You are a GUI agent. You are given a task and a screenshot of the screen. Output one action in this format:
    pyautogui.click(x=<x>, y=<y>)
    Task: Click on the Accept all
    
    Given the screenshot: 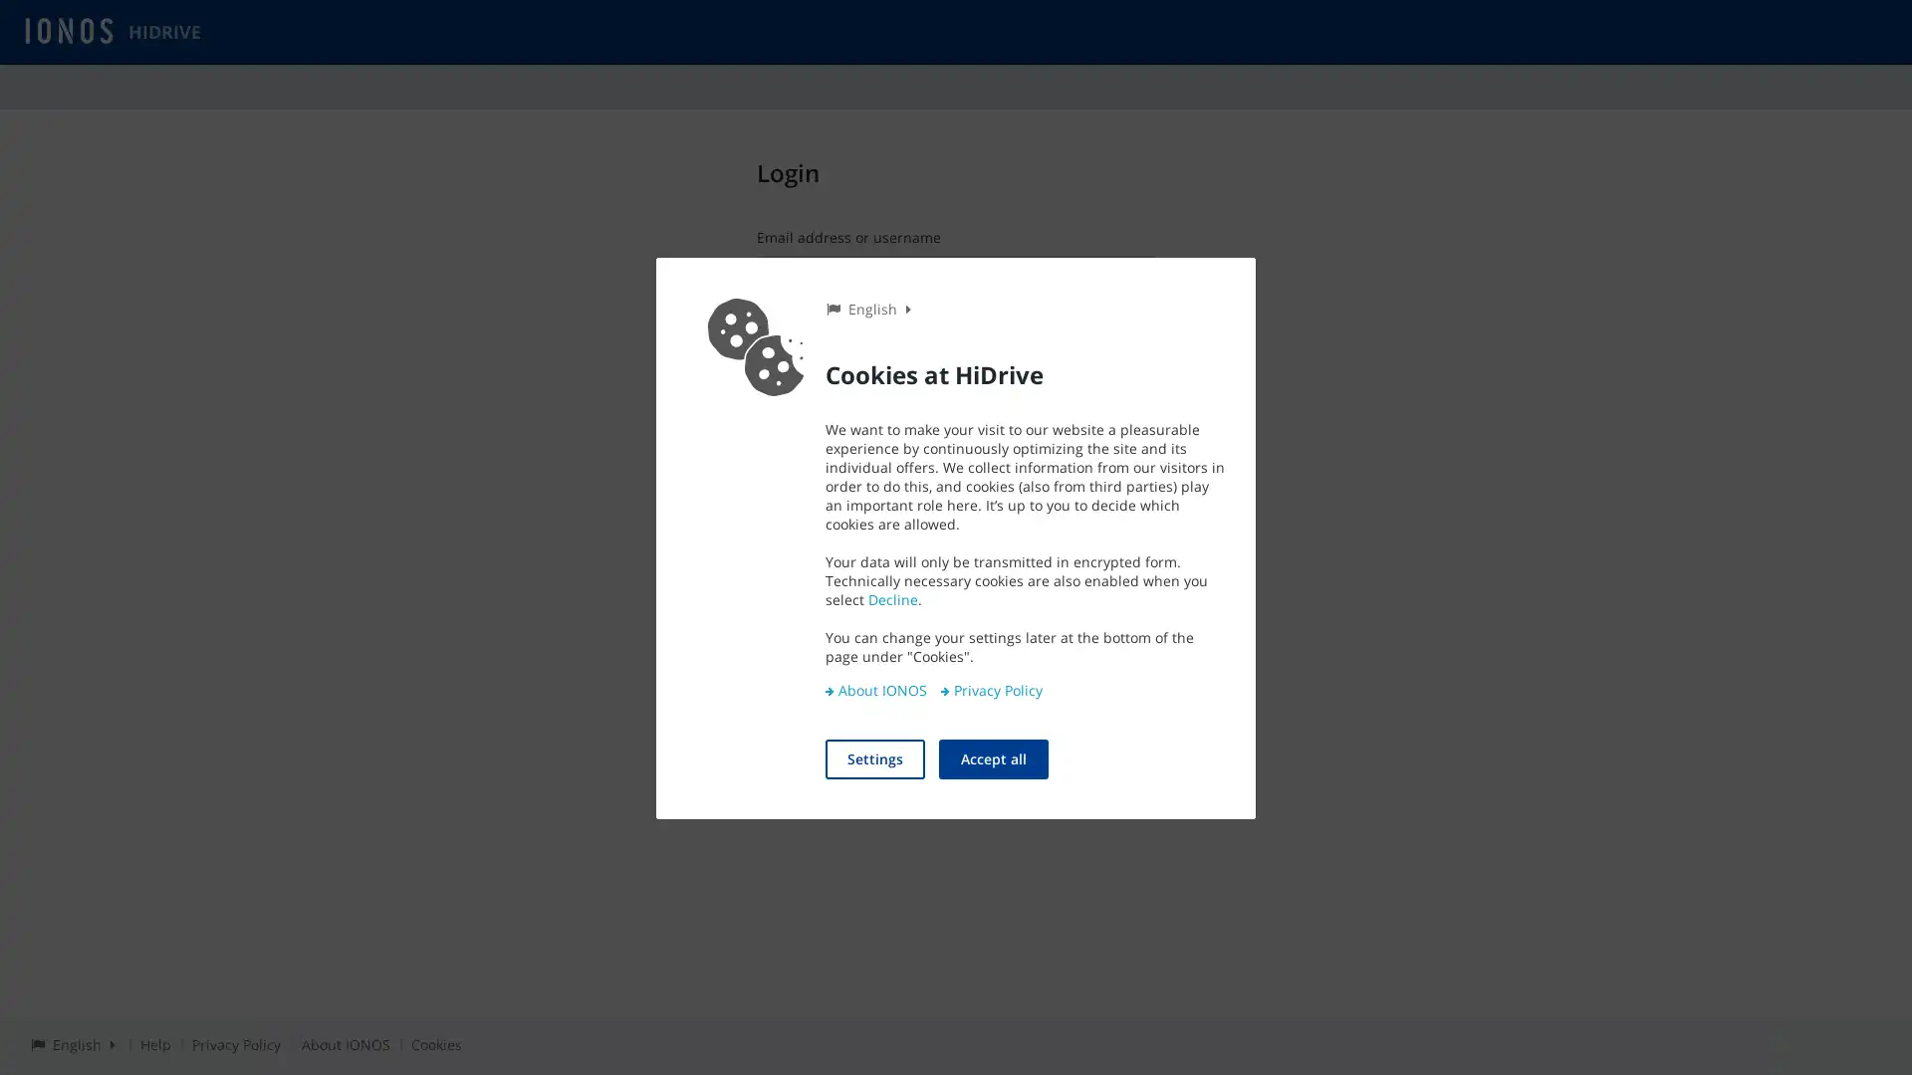 What is the action you would take?
    pyautogui.click(x=994, y=759)
    